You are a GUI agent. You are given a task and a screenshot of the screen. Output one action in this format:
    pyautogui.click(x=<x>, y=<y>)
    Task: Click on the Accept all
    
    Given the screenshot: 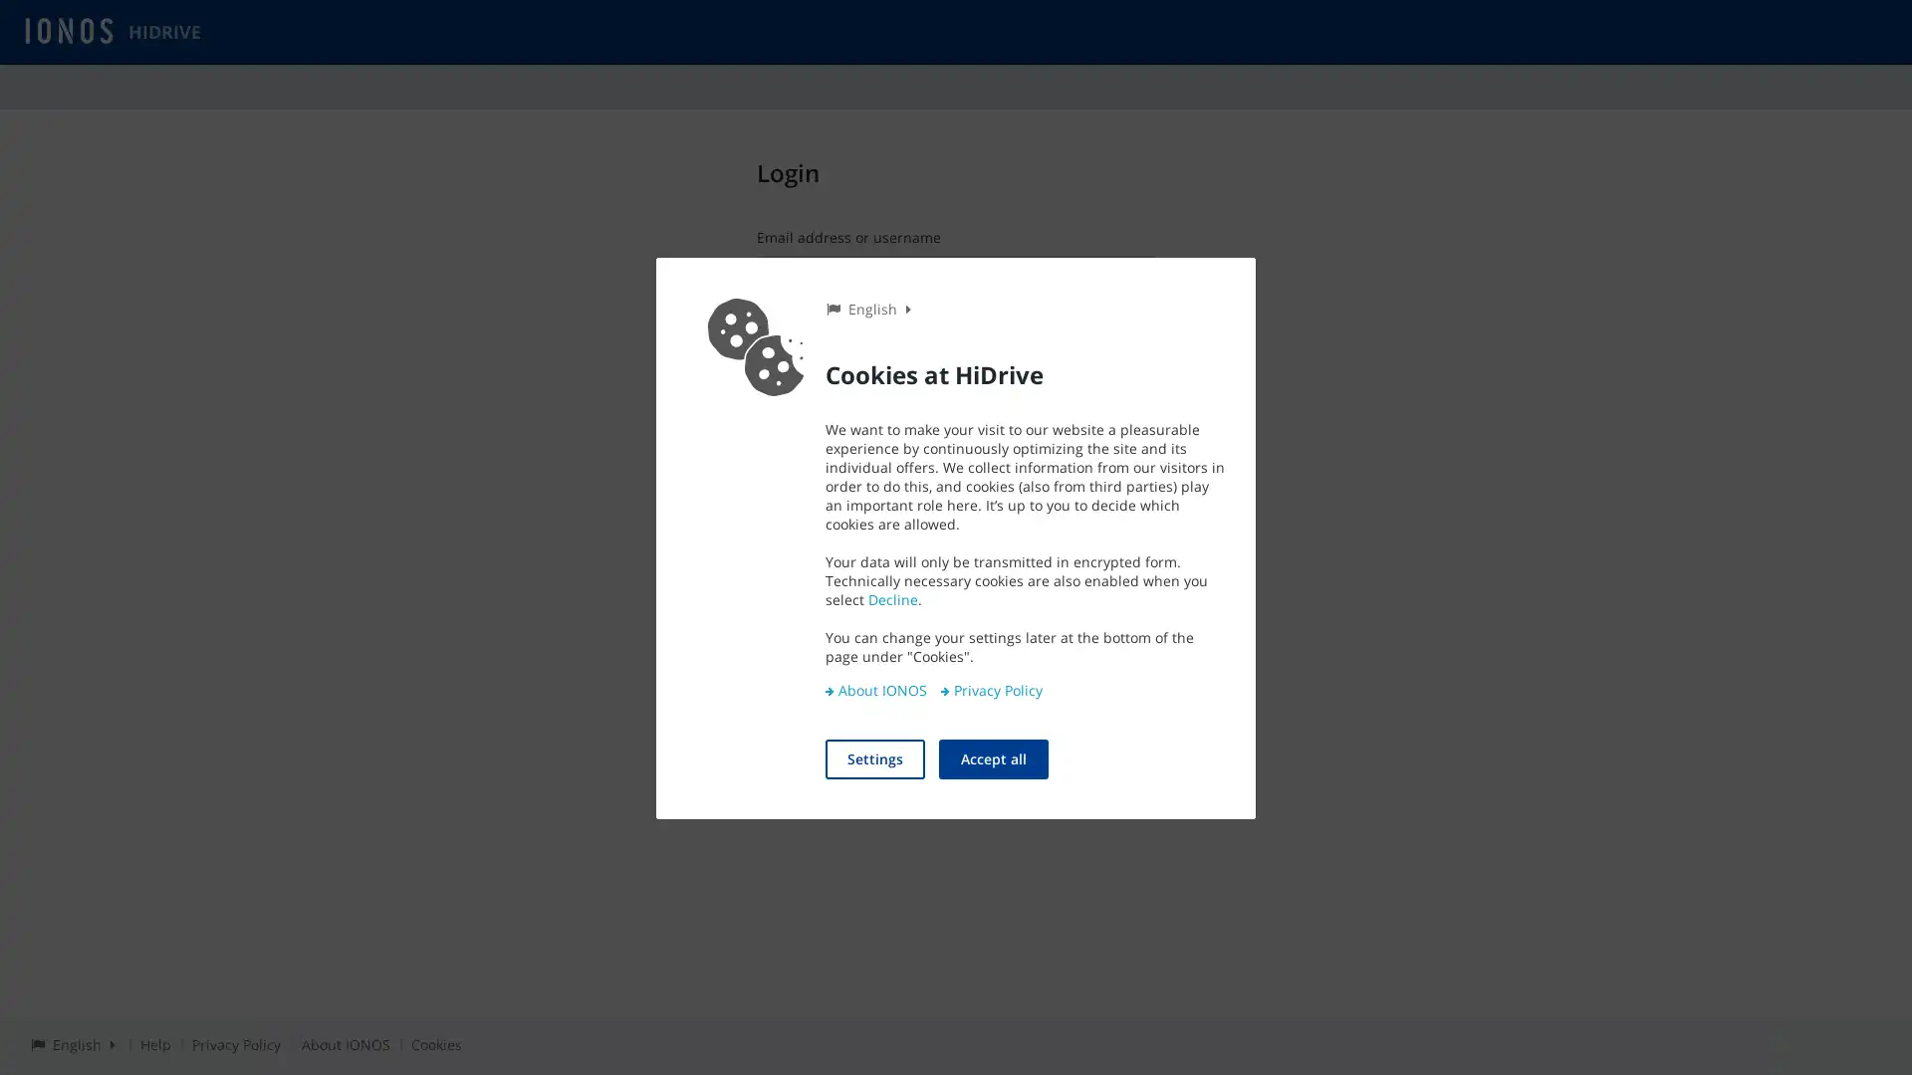 What is the action you would take?
    pyautogui.click(x=994, y=759)
    